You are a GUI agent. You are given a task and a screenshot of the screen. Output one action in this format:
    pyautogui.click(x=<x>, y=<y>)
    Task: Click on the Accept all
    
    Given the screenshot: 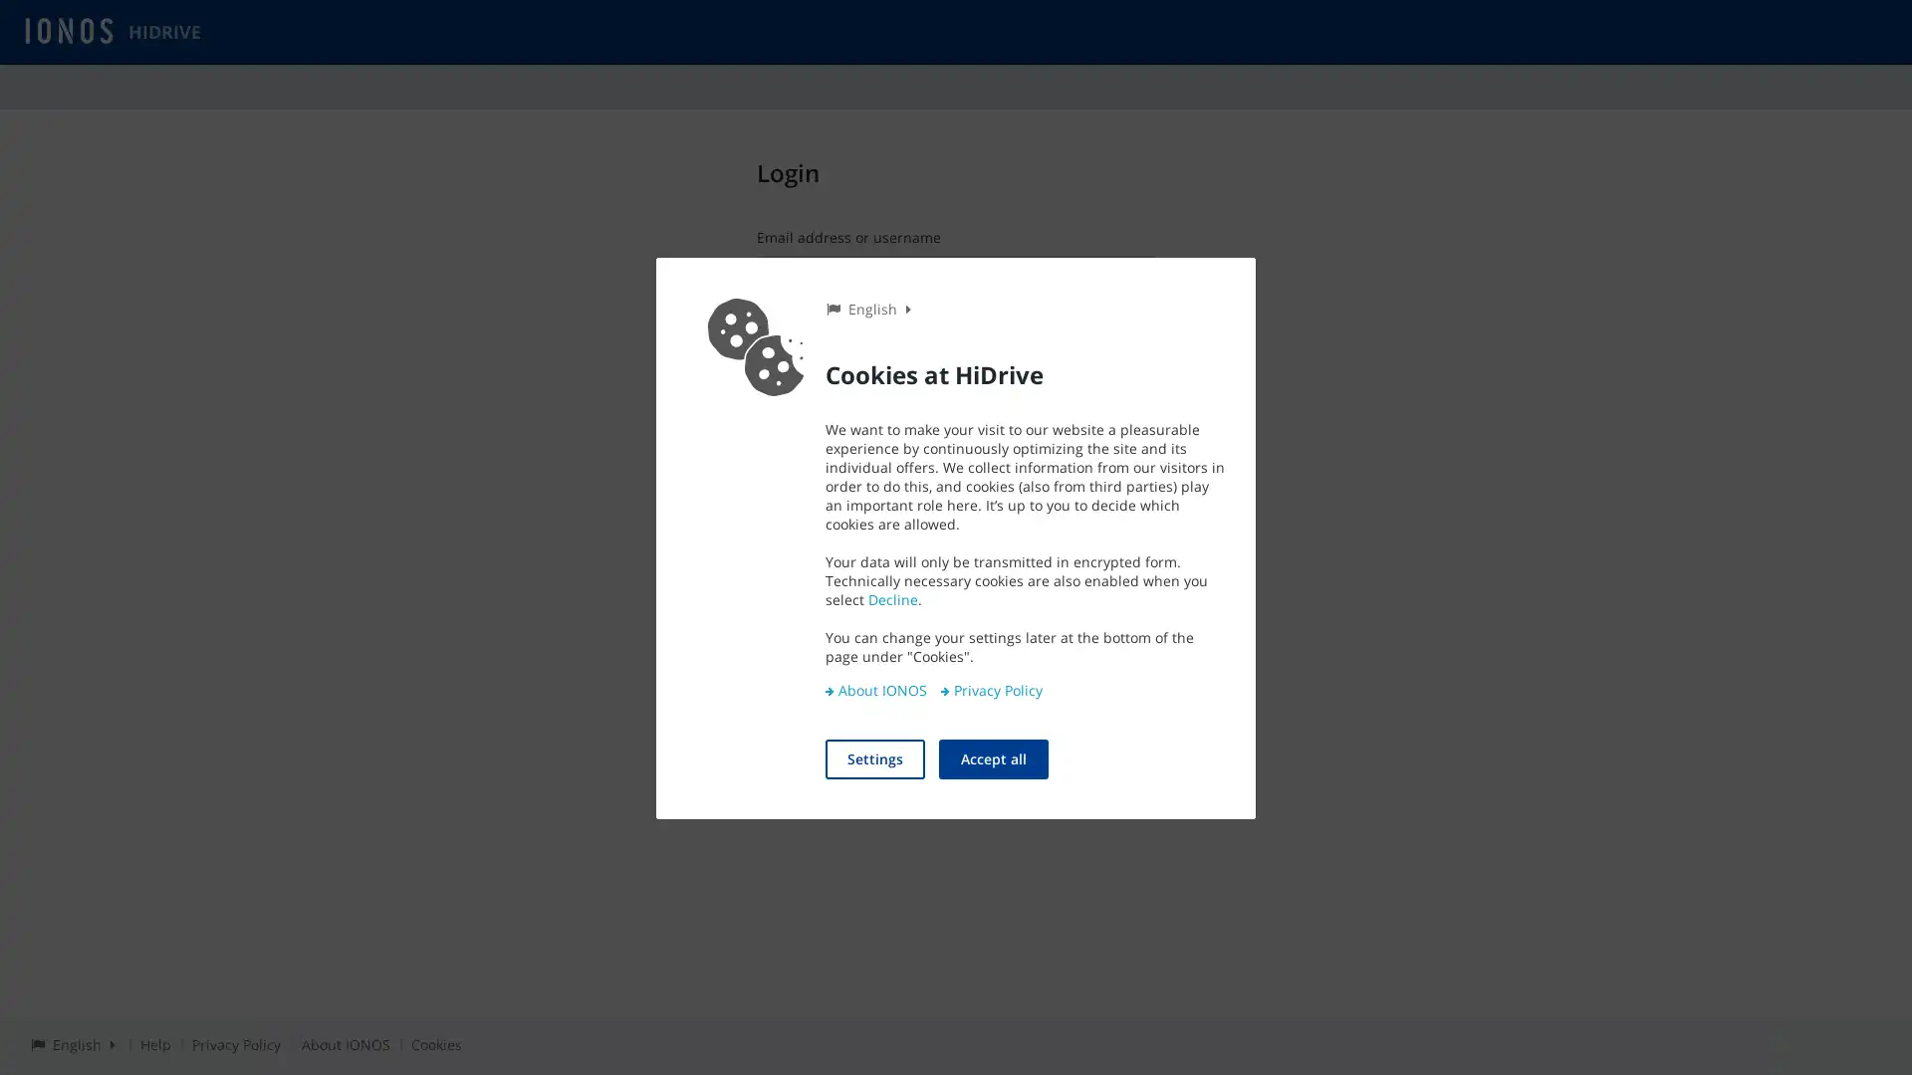 What is the action you would take?
    pyautogui.click(x=994, y=759)
    